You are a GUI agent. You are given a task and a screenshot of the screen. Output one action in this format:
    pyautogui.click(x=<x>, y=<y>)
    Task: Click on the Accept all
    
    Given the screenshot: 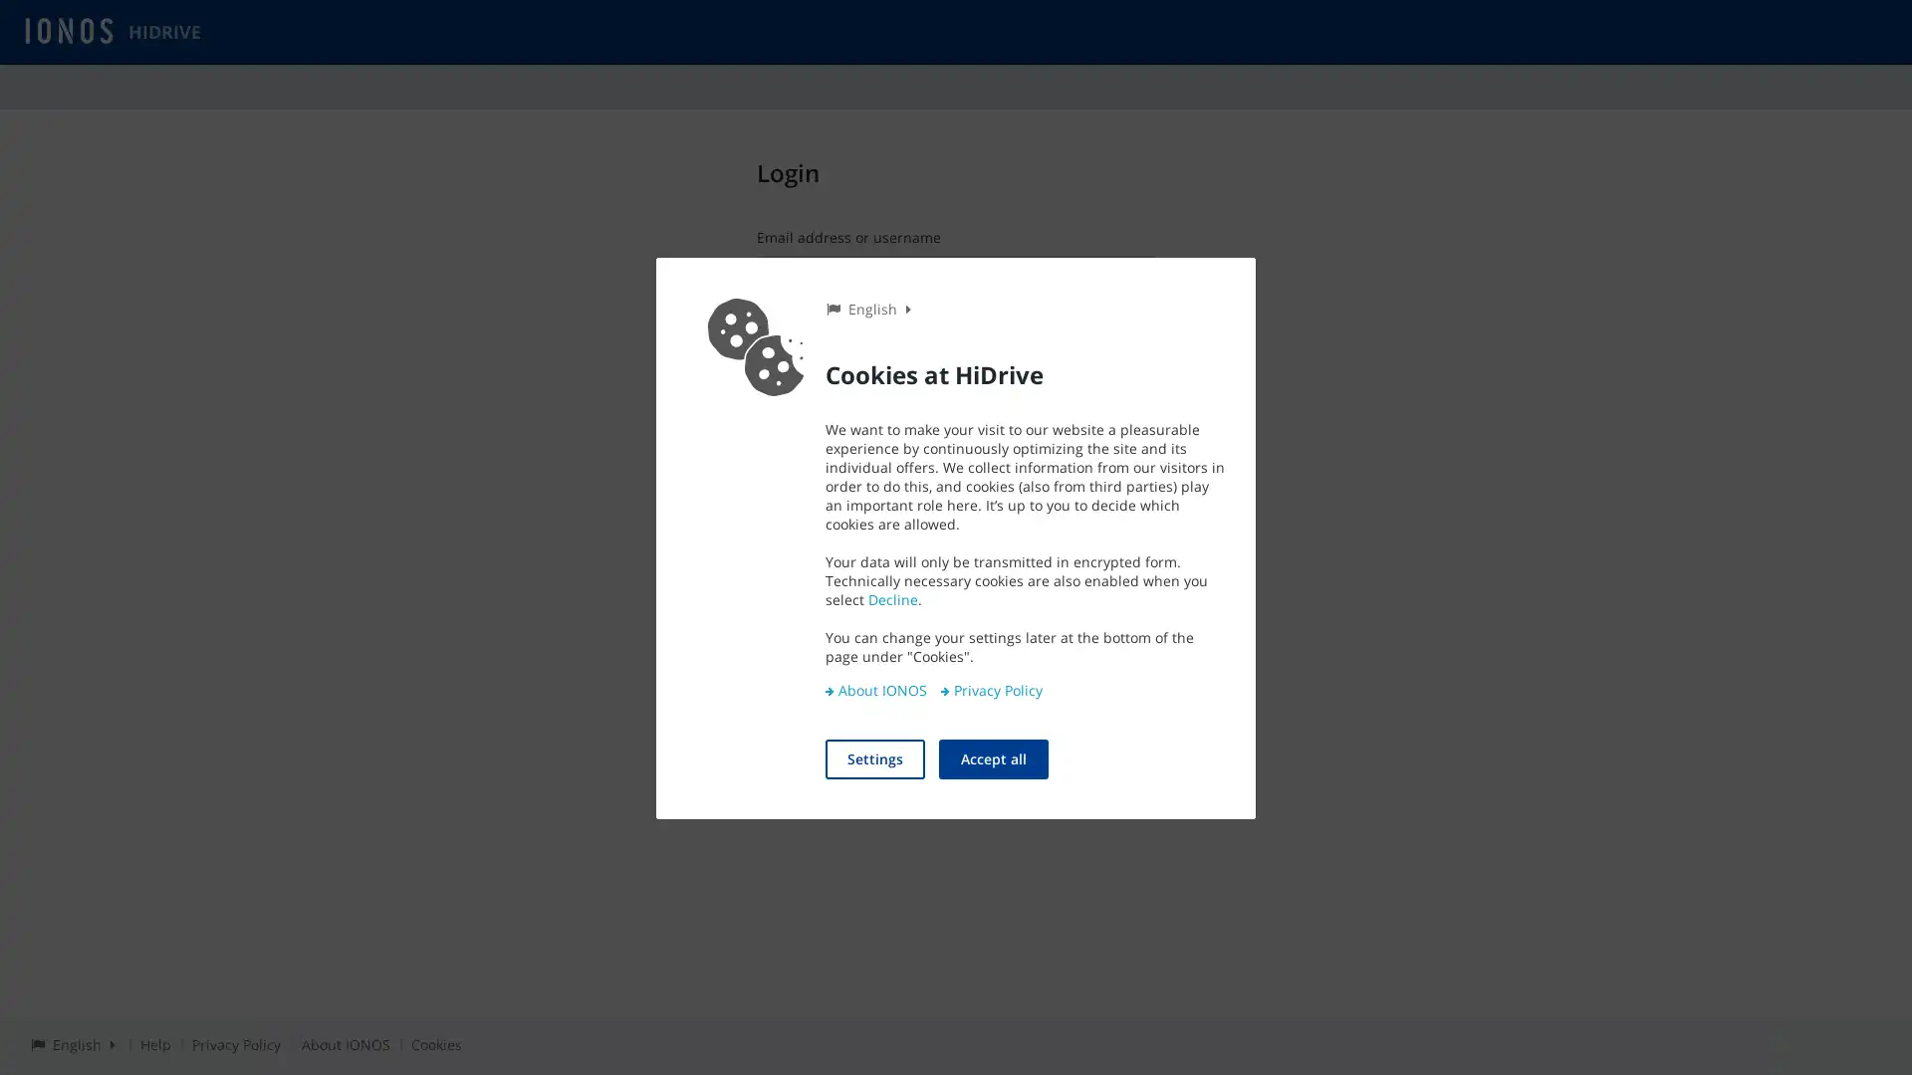 What is the action you would take?
    pyautogui.click(x=994, y=759)
    